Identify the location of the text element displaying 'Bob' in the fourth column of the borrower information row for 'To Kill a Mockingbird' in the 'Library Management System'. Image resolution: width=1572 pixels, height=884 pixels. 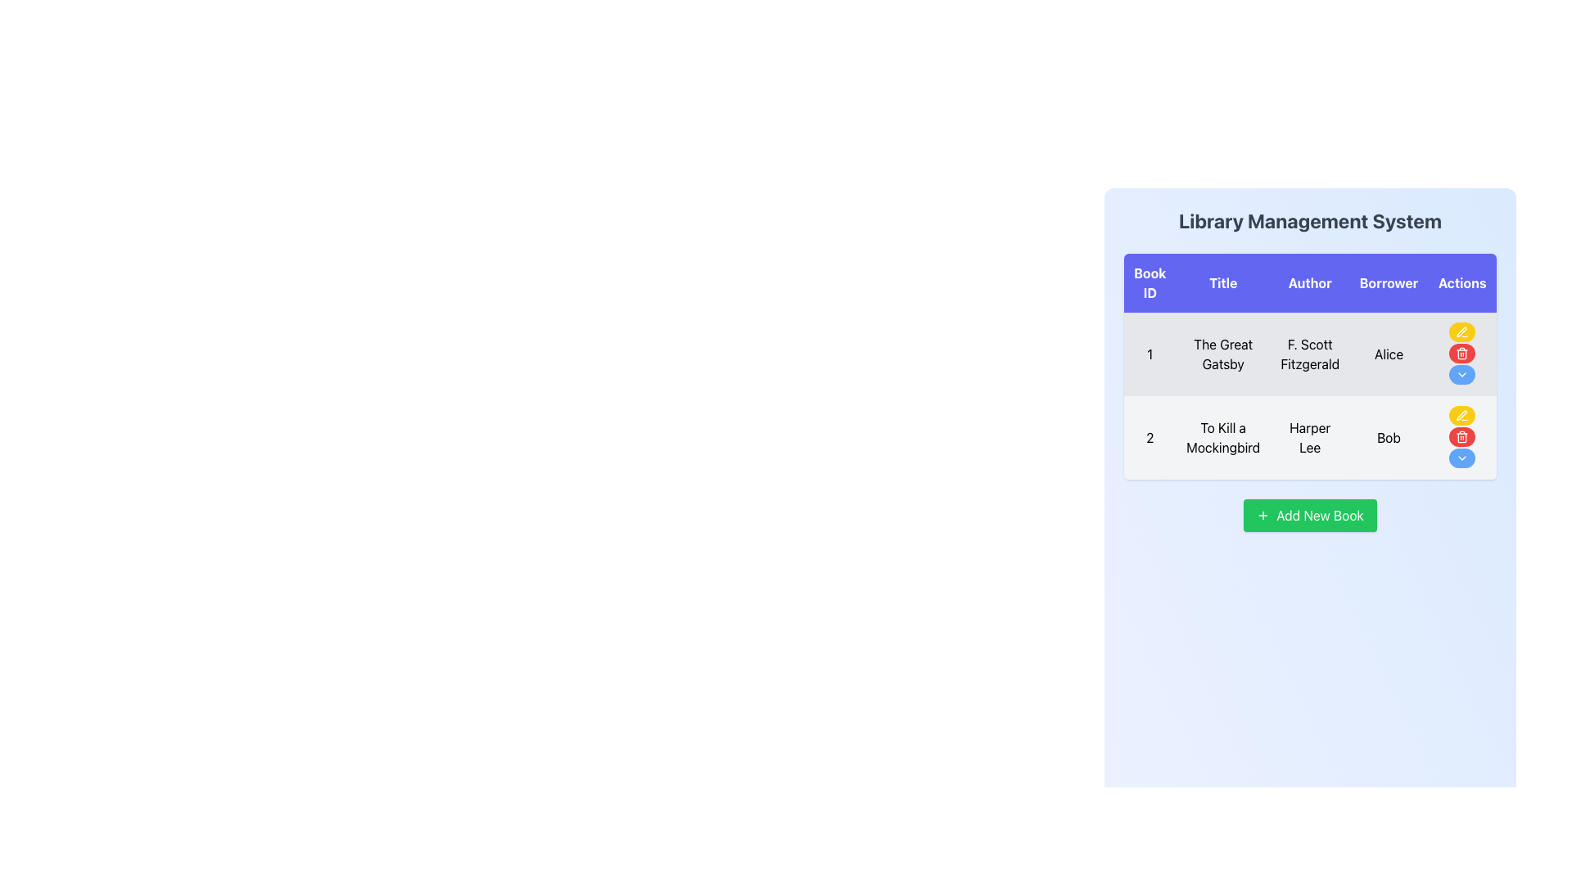
(1388, 437).